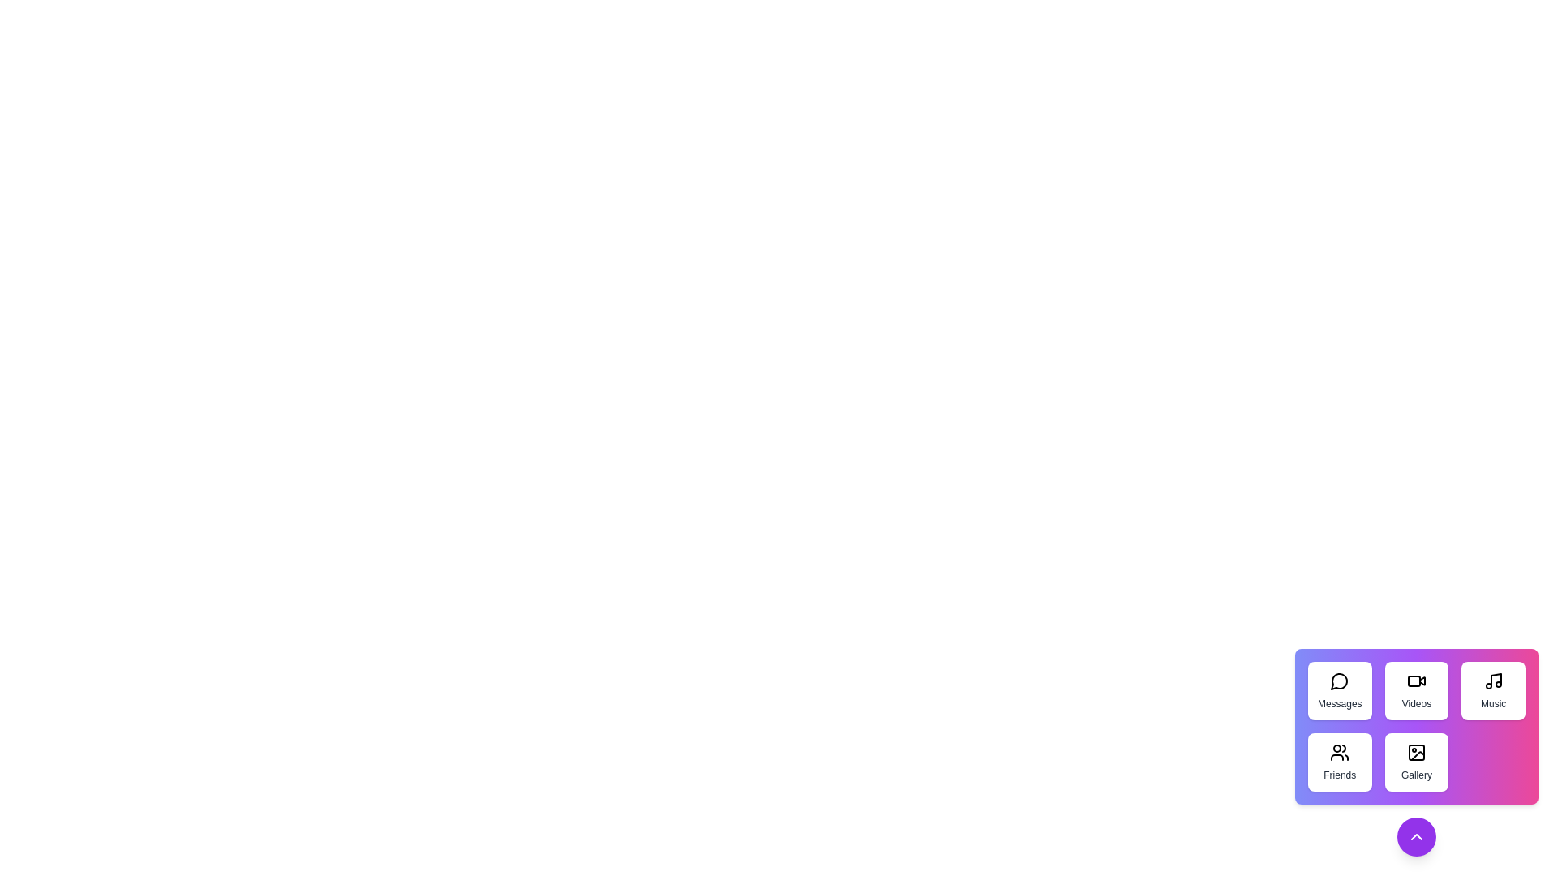 This screenshot has width=1558, height=876. What do you see at coordinates (1415, 762) in the screenshot?
I see `the 'Gallery' button` at bounding box center [1415, 762].